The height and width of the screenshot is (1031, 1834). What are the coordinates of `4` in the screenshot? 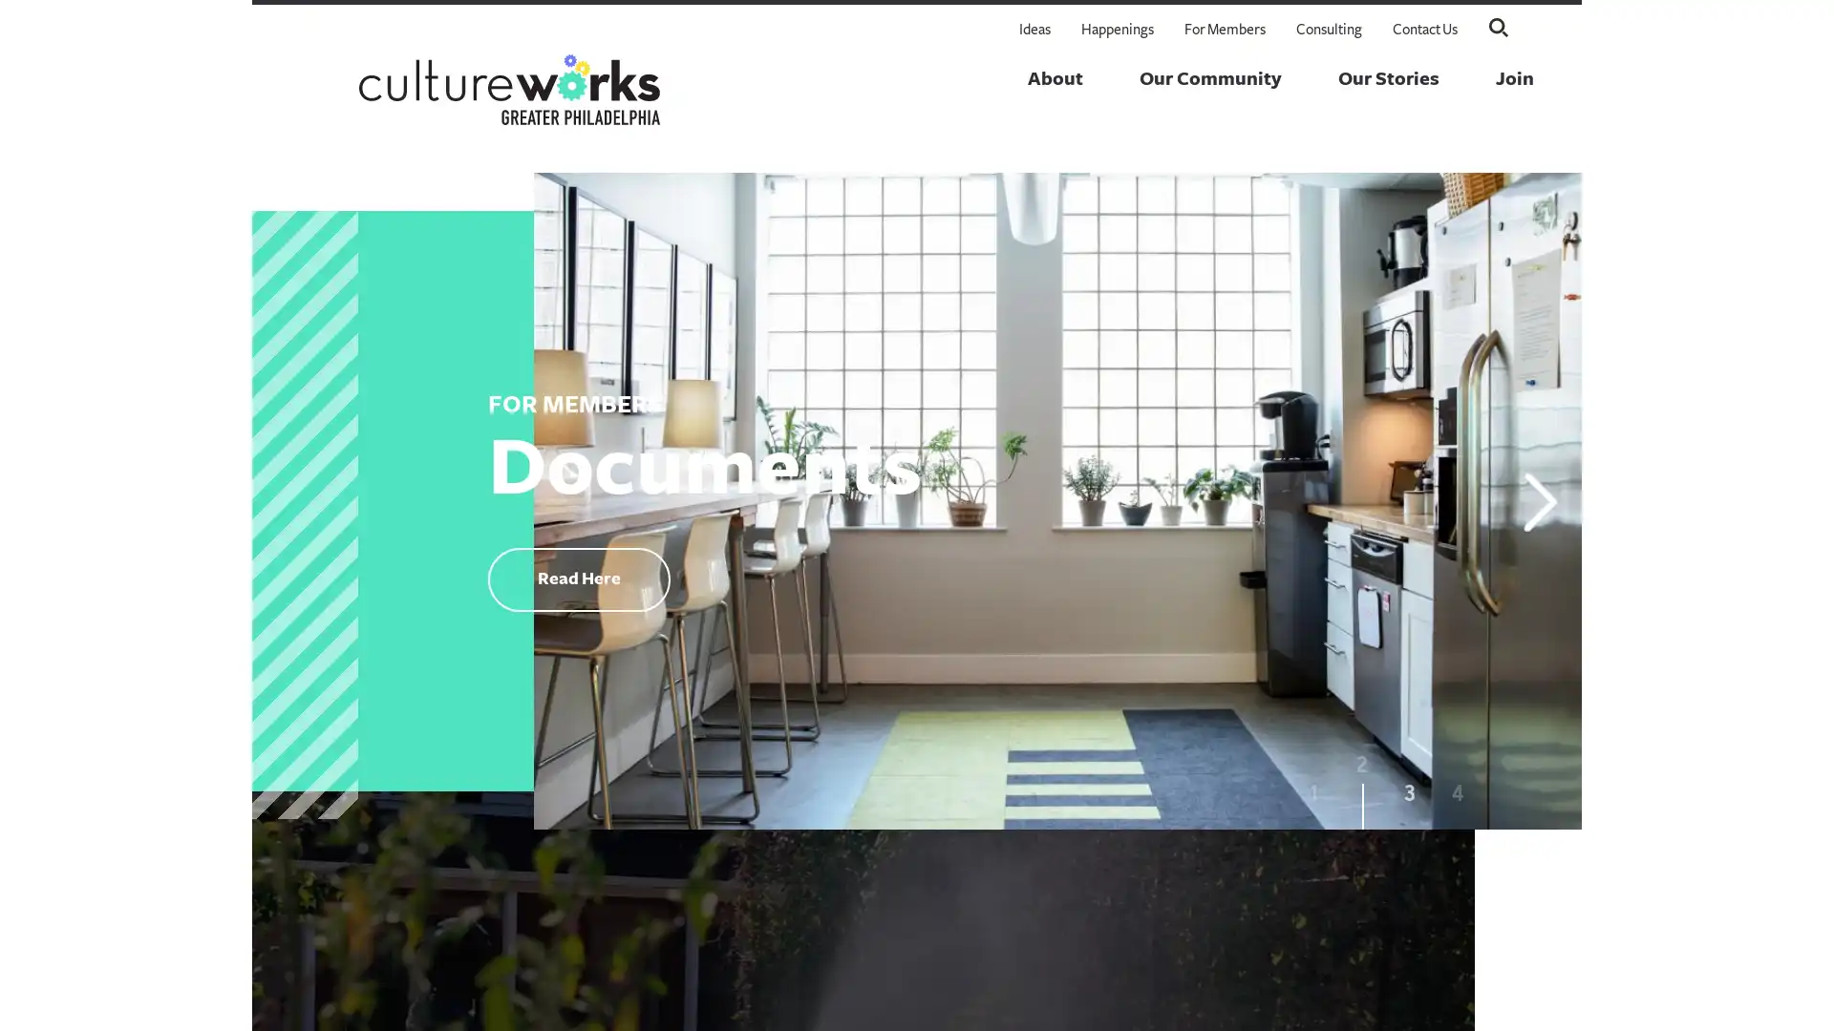 It's located at (1457, 799).